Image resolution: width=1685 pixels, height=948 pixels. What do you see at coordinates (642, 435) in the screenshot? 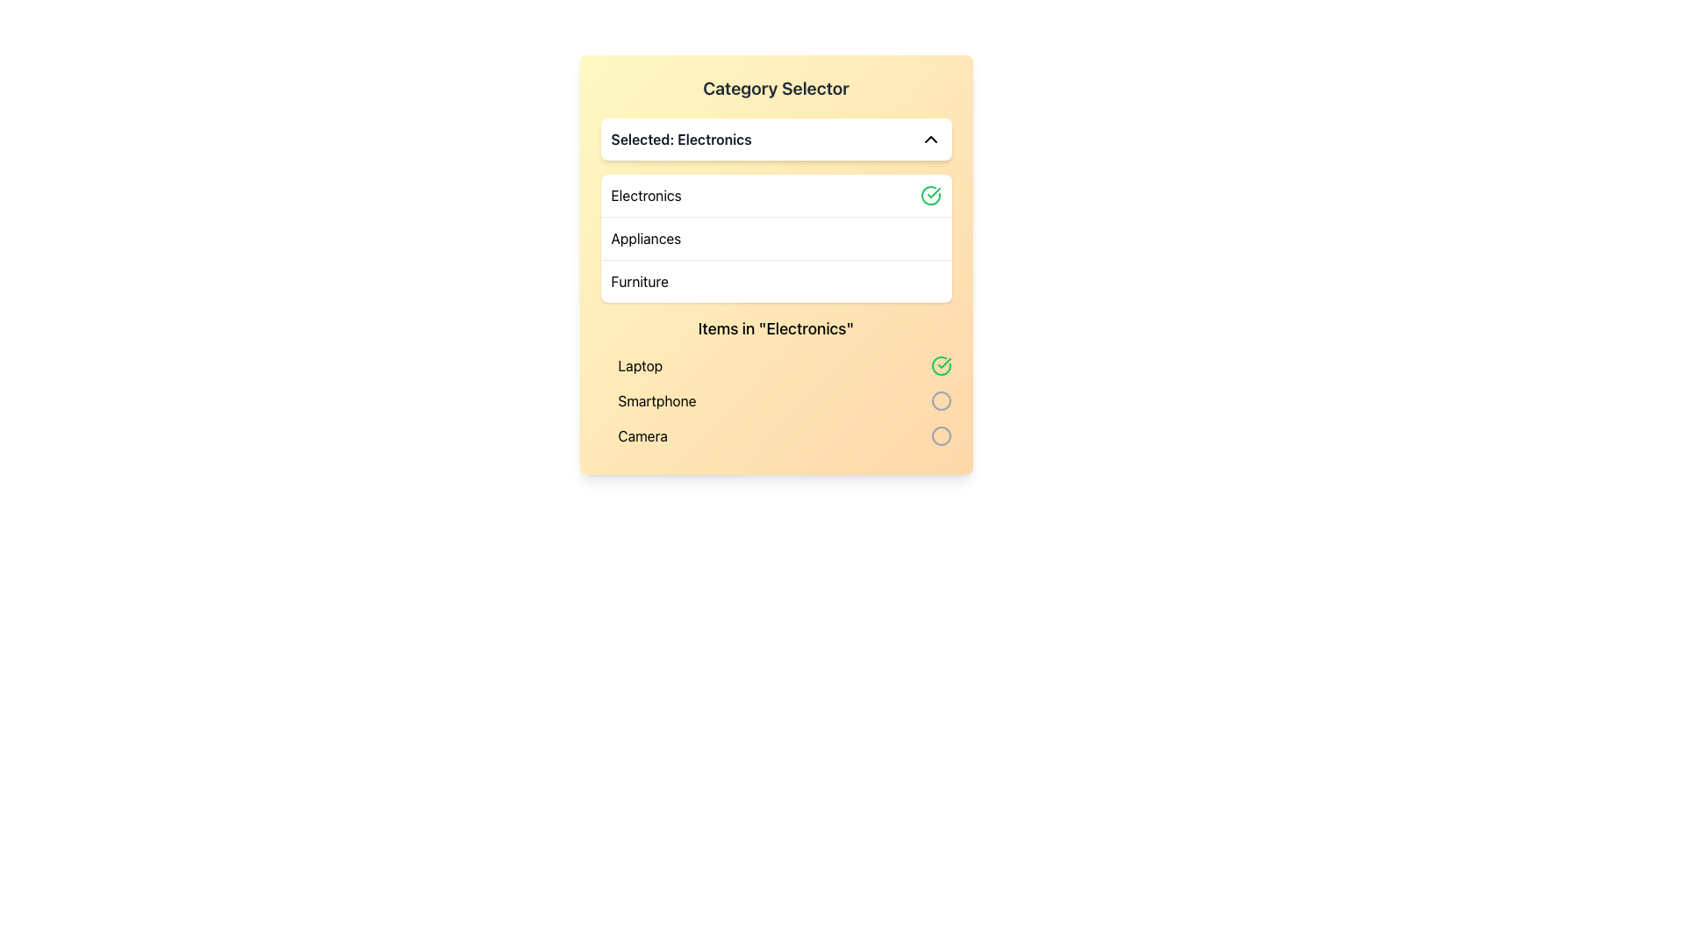
I see `the text label 'Camera' which is styled in bold green font, indicating it is selected` at bounding box center [642, 435].